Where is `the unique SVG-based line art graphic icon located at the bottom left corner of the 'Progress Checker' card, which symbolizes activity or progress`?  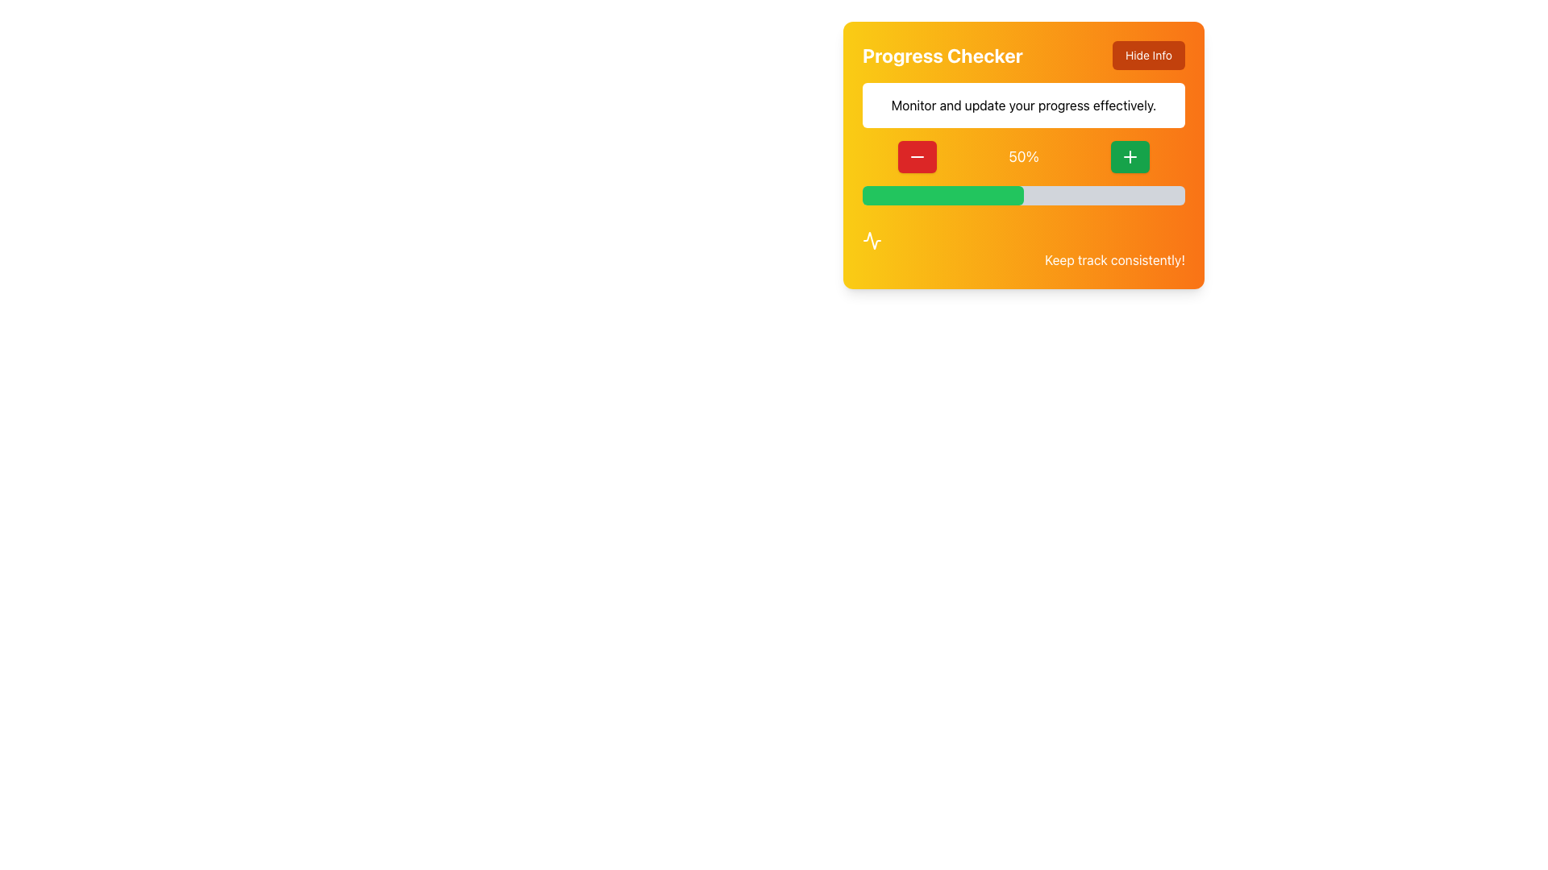 the unique SVG-based line art graphic icon located at the bottom left corner of the 'Progress Checker' card, which symbolizes activity or progress is located at coordinates (871, 241).